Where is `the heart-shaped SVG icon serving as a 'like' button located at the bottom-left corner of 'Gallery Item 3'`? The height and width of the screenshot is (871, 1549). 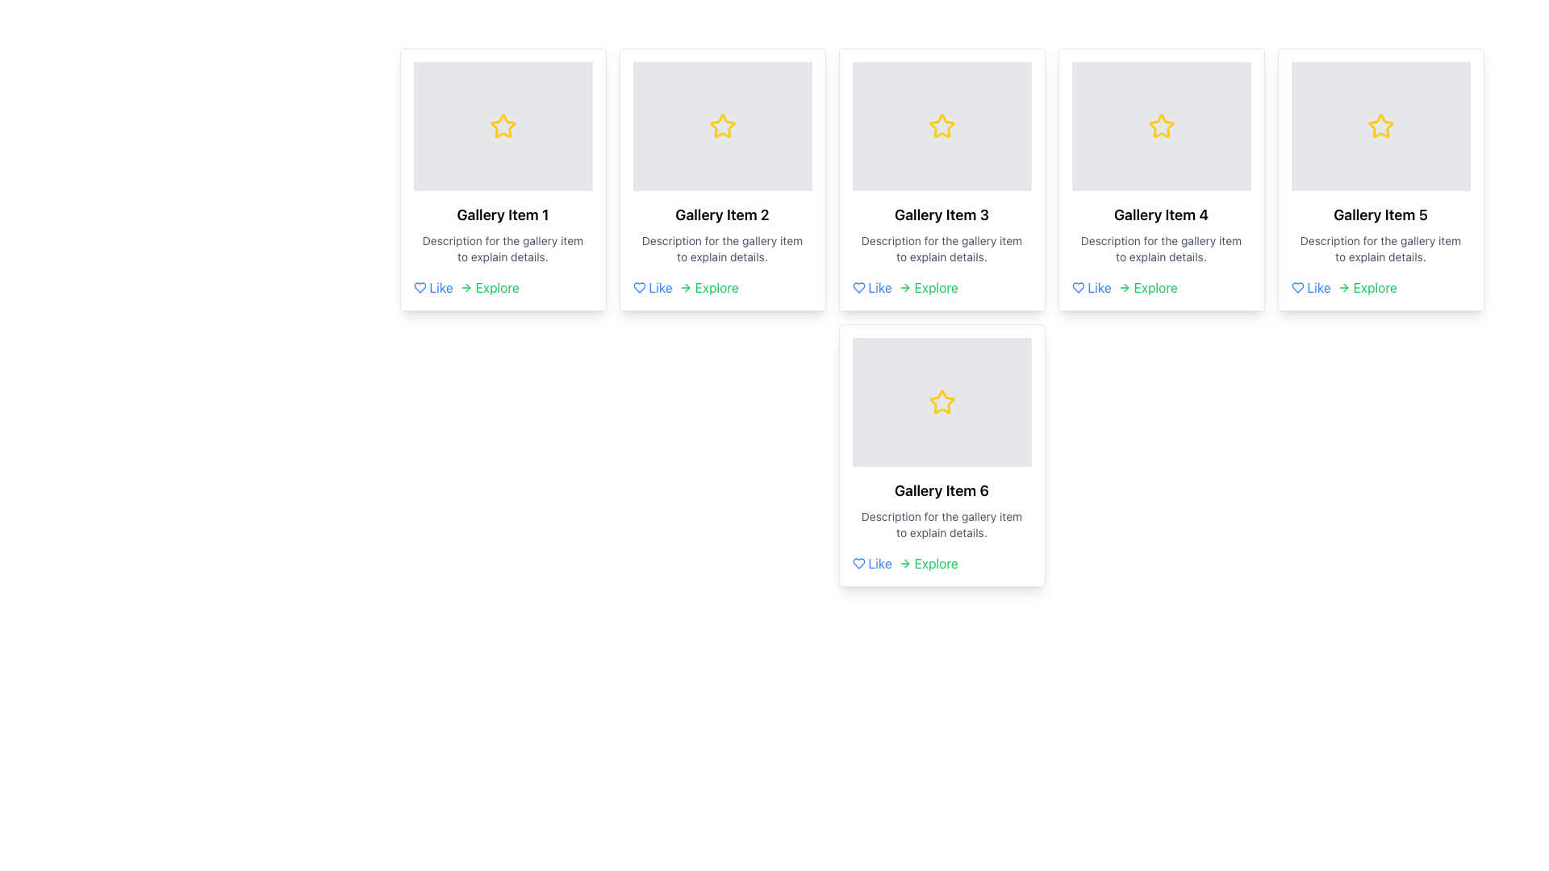 the heart-shaped SVG icon serving as a 'like' button located at the bottom-left corner of 'Gallery Item 3' is located at coordinates (858, 287).